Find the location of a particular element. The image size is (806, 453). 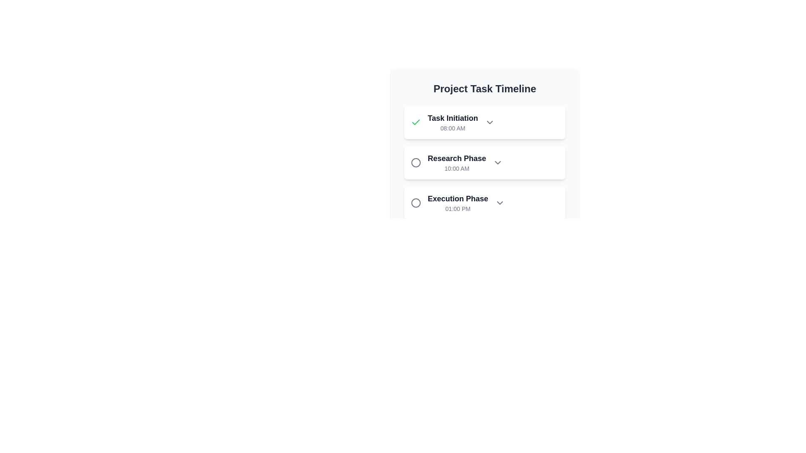

the 'Research Phase' label in the 'Project Task Timeline', which indicates the specific phase of the project along with its time '10:00 AM' is located at coordinates (456, 163).